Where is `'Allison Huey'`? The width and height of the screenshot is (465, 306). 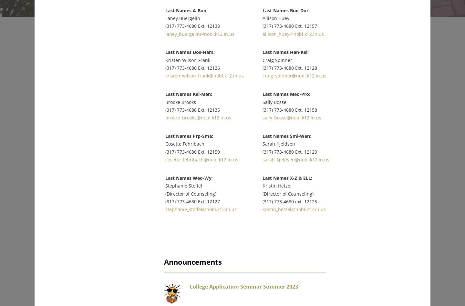 'Allison Huey' is located at coordinates (282, 14).